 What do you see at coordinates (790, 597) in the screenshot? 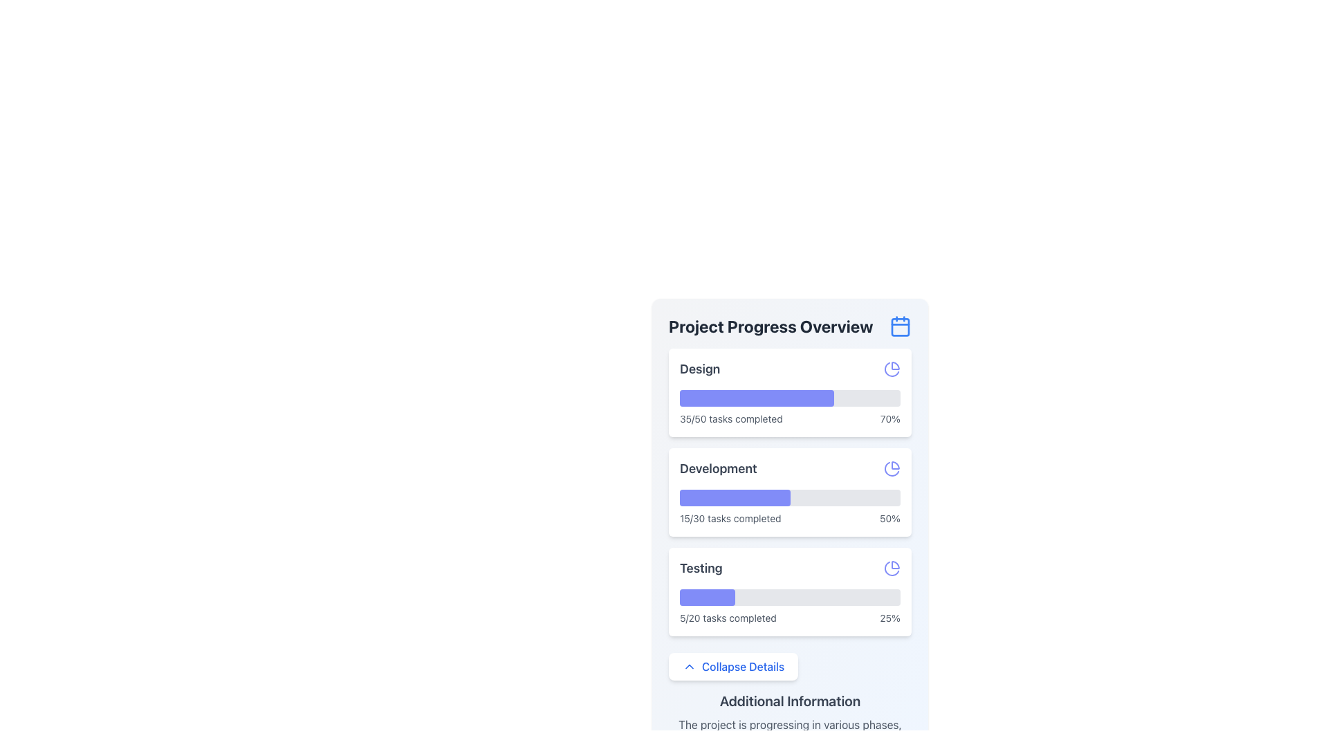
I see `the horizontal progress bar with a light gray background and a blue fill indicating 25% completion, located in the 'Testing' section of the task progress overview card` at bounding box center [790, 597].